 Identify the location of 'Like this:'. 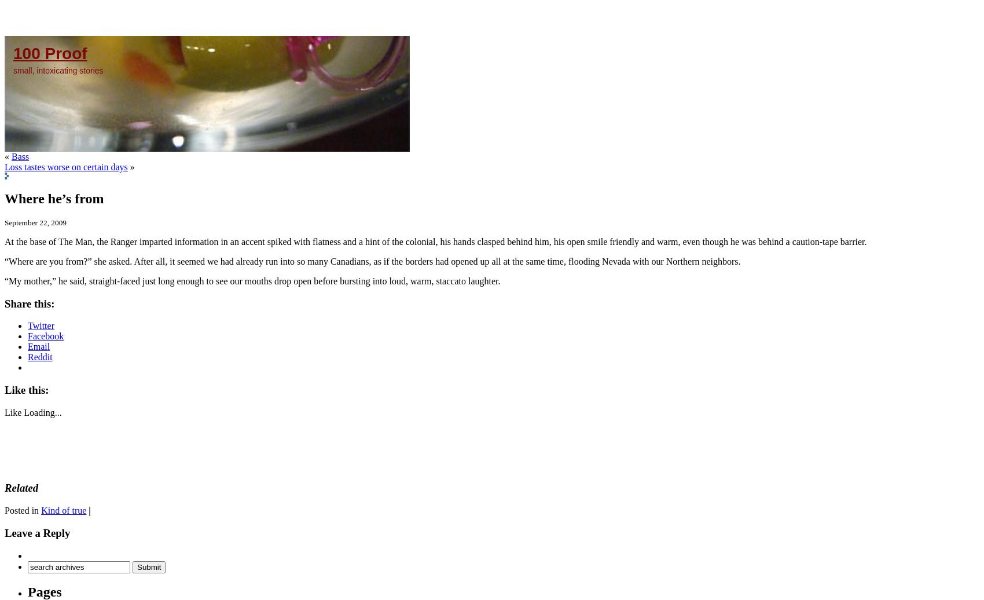
(27, 389).